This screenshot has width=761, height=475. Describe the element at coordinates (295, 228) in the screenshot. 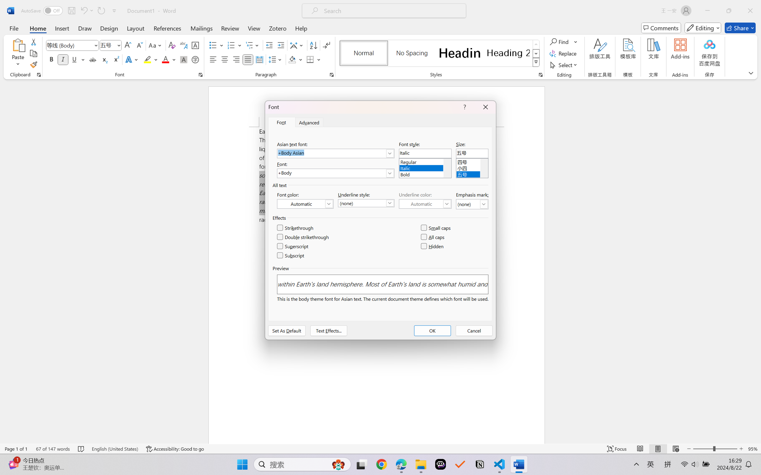

I see `'Strikethrough'` at that location.